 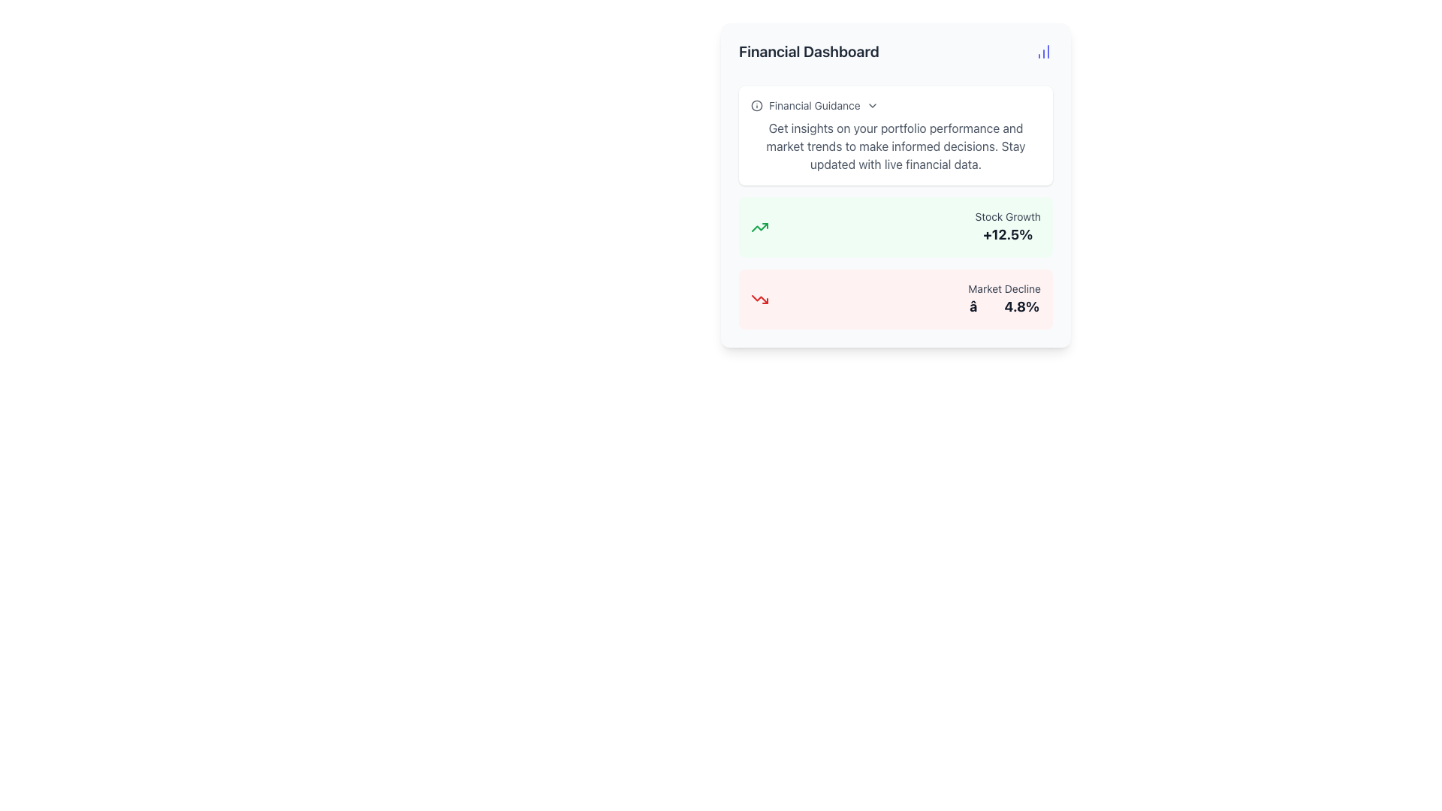 I want to click on the heading text element labeled 'Financial Dashboard', which is styled with a bold font and dark gray color, located at the top of the dashboard, so click(x=808, y=51).